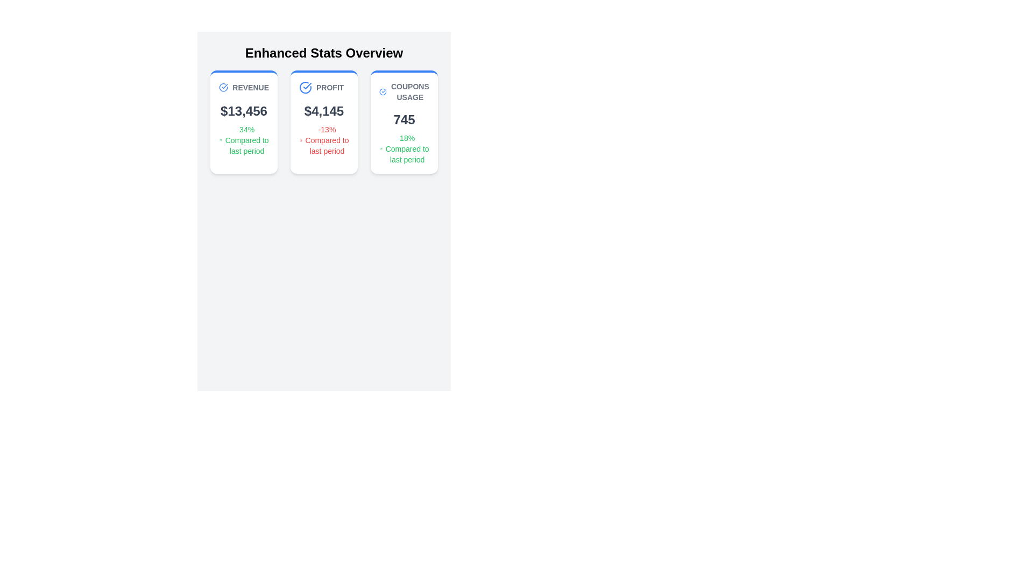 This screenshot has width=1033, height=581. I want to click on the text displaying the numerical value '745' for 'COUPONS USAGE', which is located in the third card of the layout, so click(404, 120).